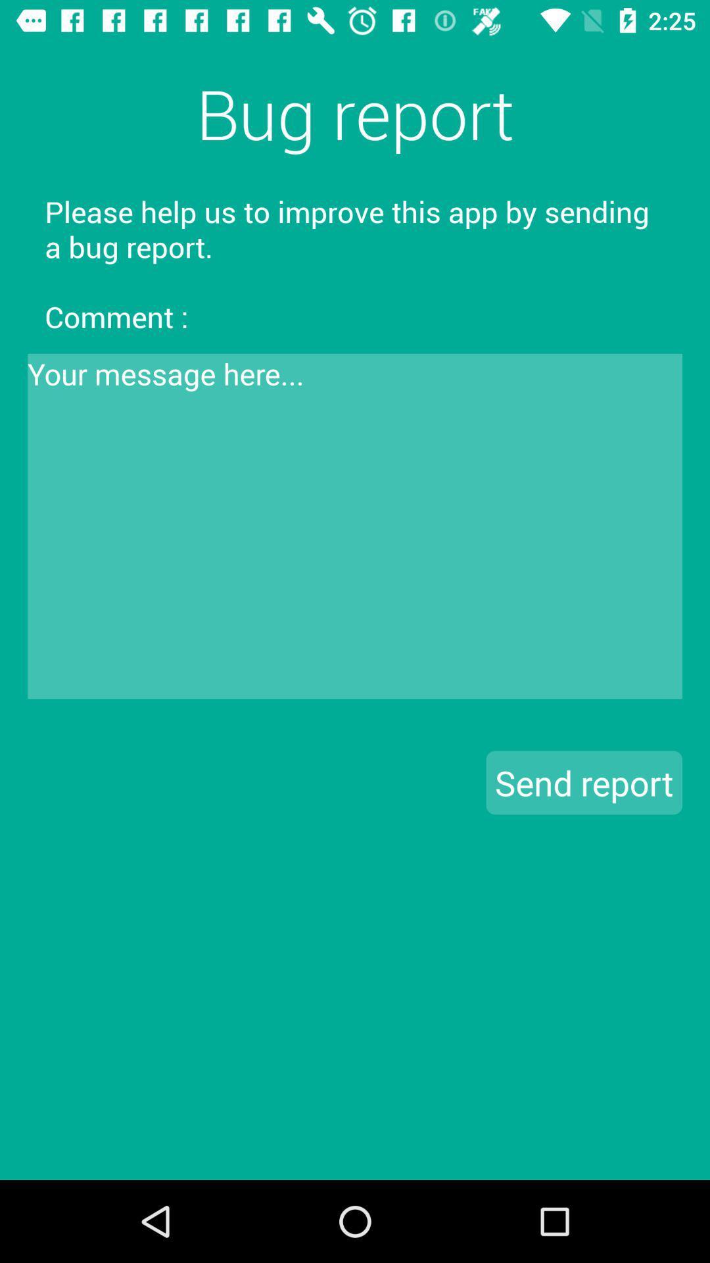  I want to click on the icon on the right, so click(583, 782).